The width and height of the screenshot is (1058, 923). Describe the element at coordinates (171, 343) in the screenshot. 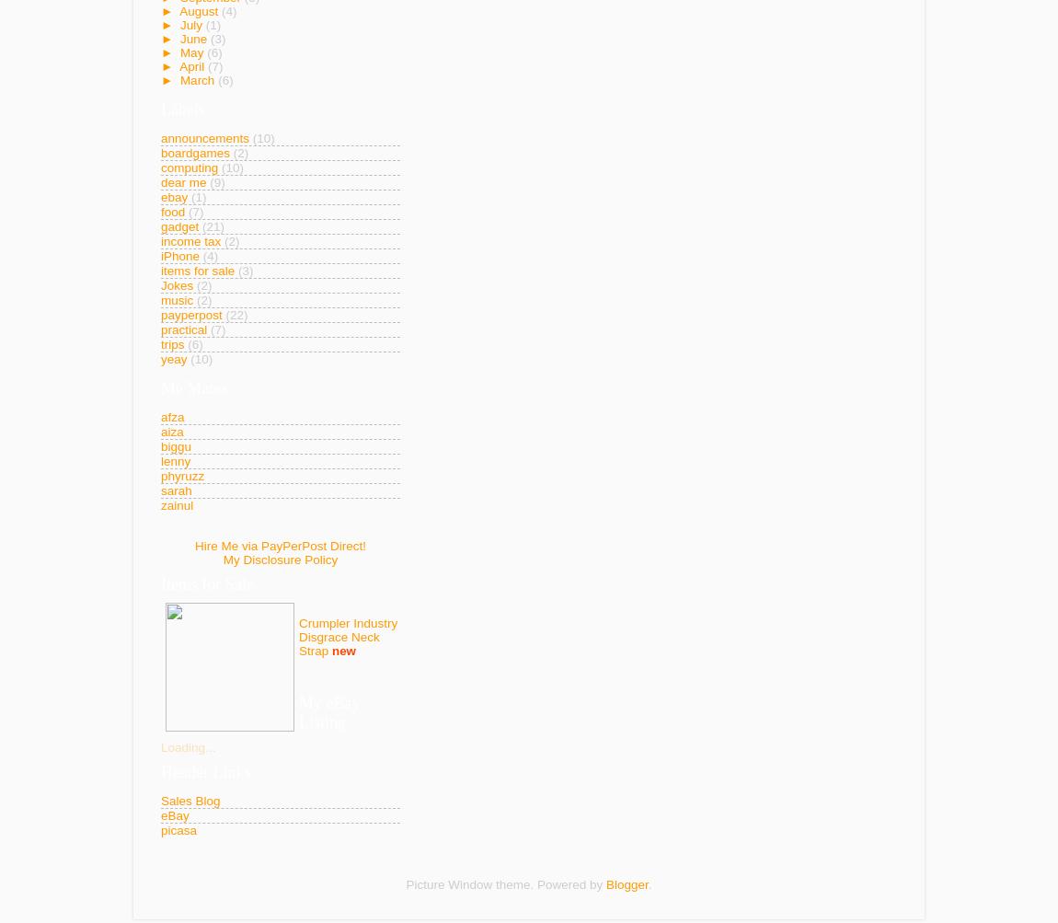

I see `'trips'` at that location.